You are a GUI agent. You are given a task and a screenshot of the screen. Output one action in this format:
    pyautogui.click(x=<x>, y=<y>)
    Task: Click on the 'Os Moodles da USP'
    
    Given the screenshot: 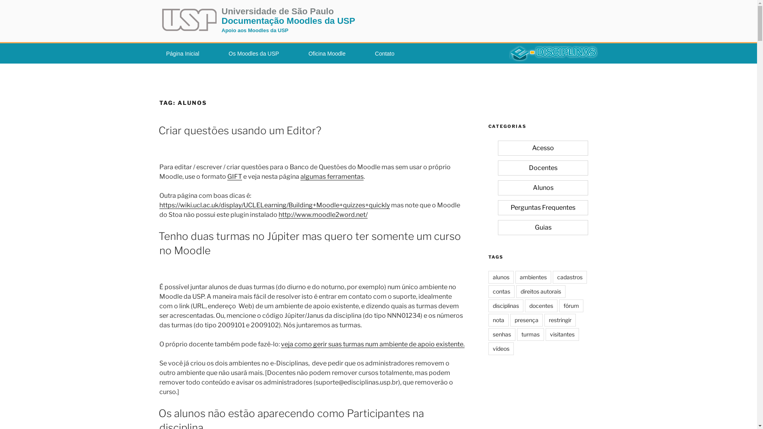 What is the action you would take?
    pyautogui.click(x=253, y=54)
    